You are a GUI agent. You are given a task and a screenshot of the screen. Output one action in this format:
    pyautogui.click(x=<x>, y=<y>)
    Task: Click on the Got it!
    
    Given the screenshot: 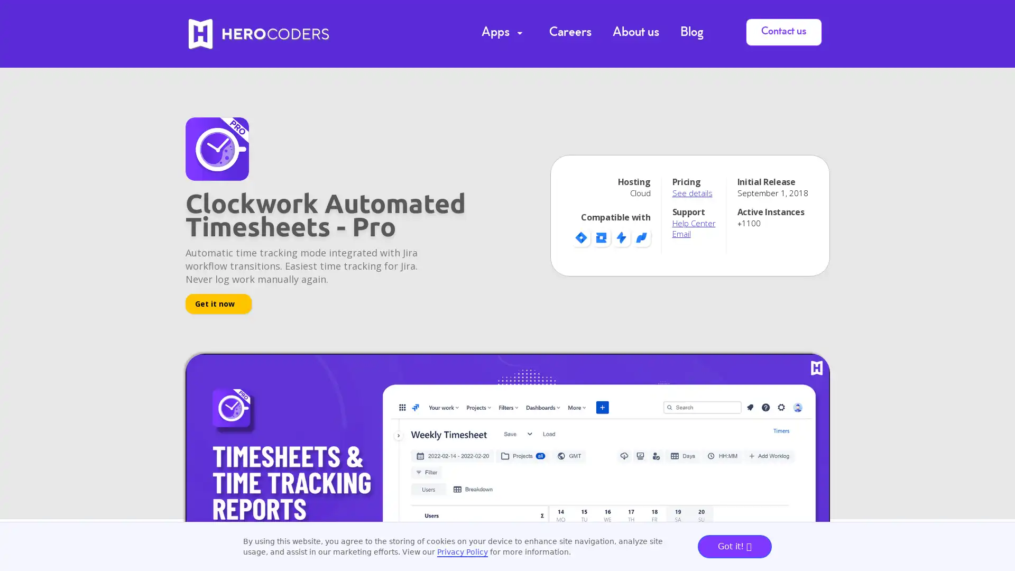 What is the action you would take?
    pyautogui.click(x=734, y=546)
    